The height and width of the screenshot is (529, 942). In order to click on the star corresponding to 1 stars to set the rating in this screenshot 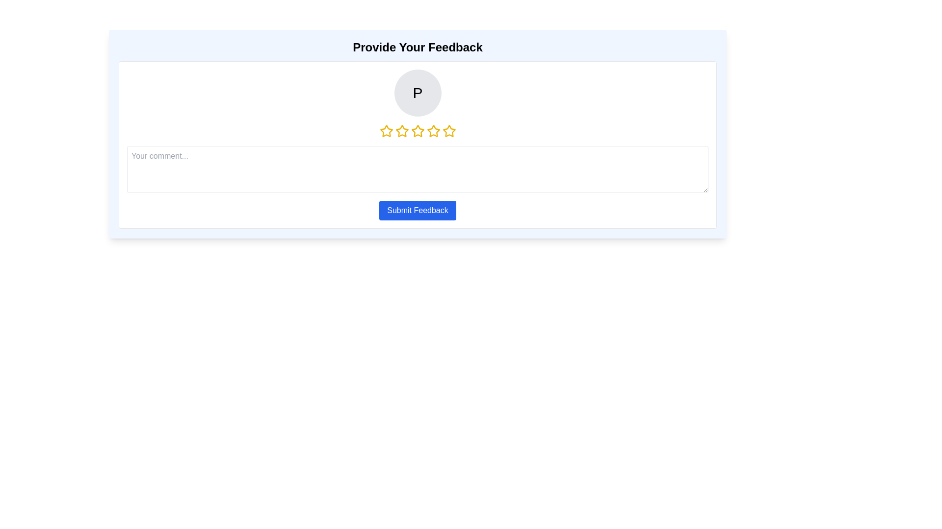, I will do `click(386, 130)`.